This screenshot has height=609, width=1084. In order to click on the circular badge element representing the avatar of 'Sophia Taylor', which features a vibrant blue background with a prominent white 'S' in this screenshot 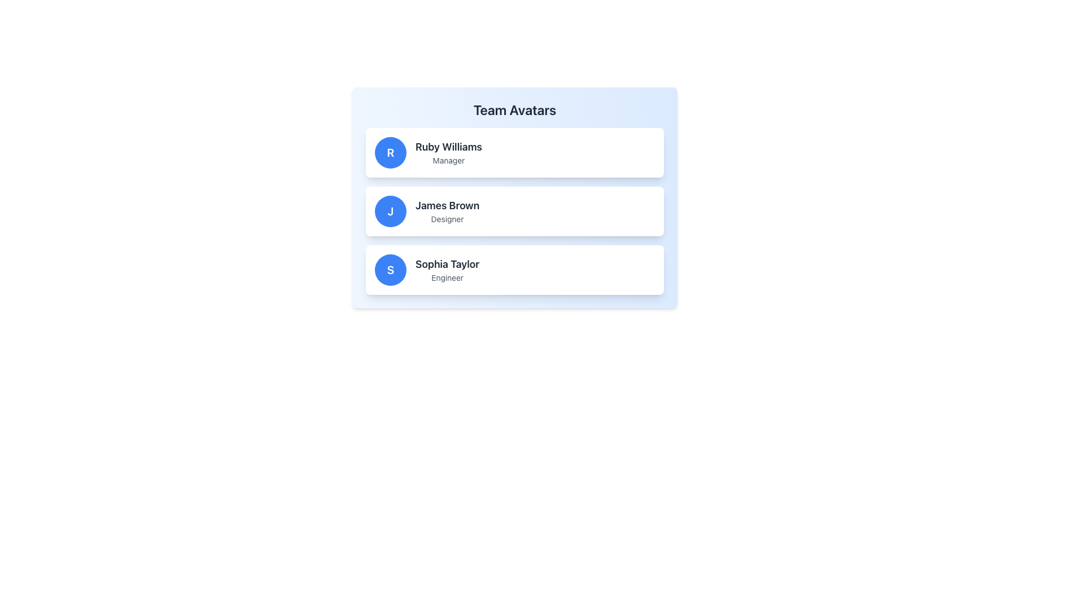, I will do `click(390, 270)`.